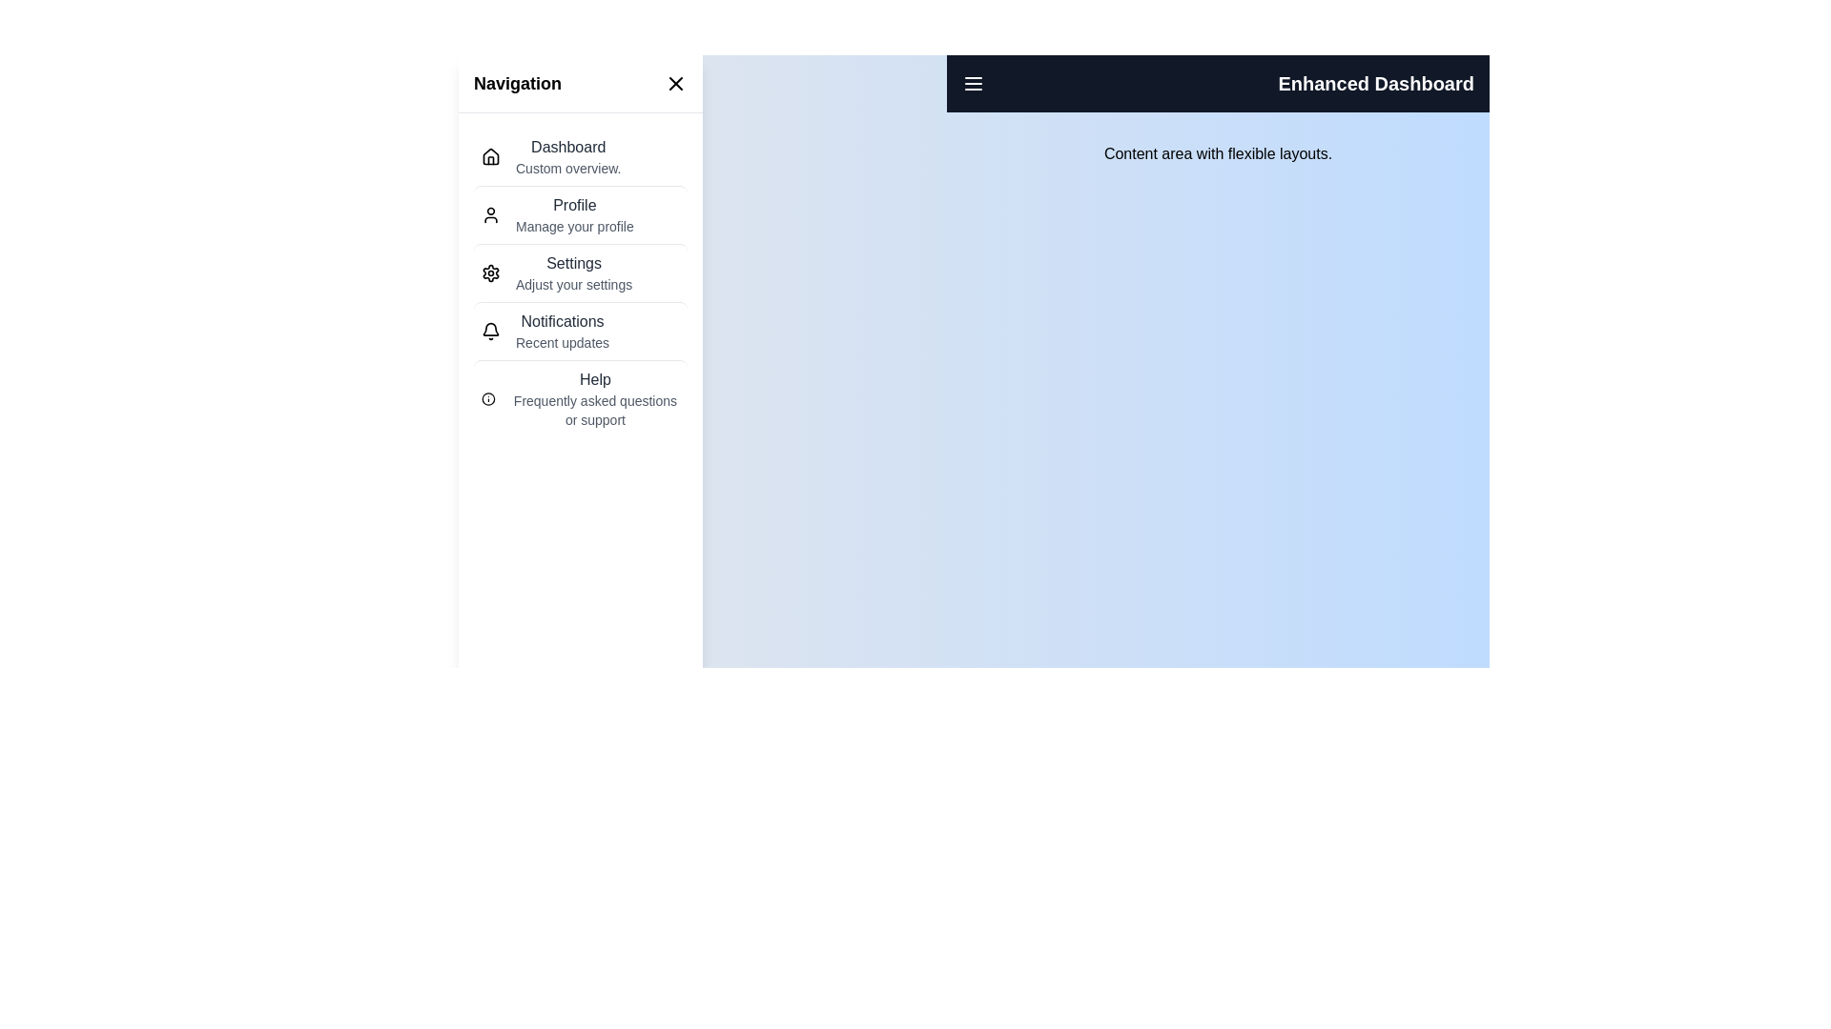 The image size is (1831, 1029). I want to click on the circular element of the 'info' icon, which features a smooth outline and no fill, serving as a foundational component of the icon, so click(488, 398).